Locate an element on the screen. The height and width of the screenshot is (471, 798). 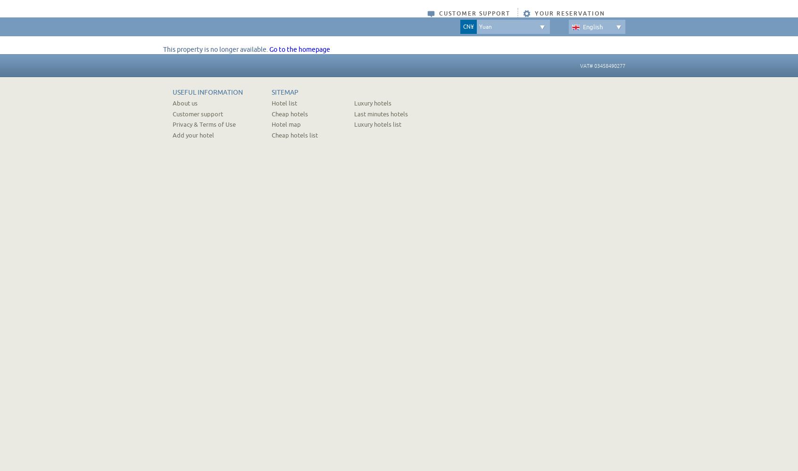
'Hotel map' is located at coordinates (271, 124).